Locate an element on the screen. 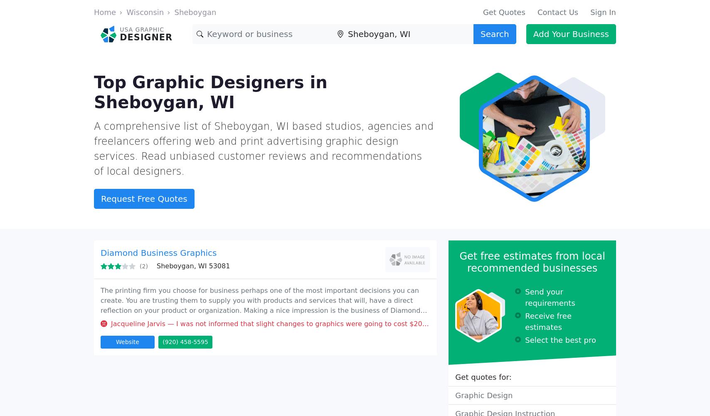 The image size is (710, 416). 'Sheboygan, WI 53081' is located at coordinates (193, 266).